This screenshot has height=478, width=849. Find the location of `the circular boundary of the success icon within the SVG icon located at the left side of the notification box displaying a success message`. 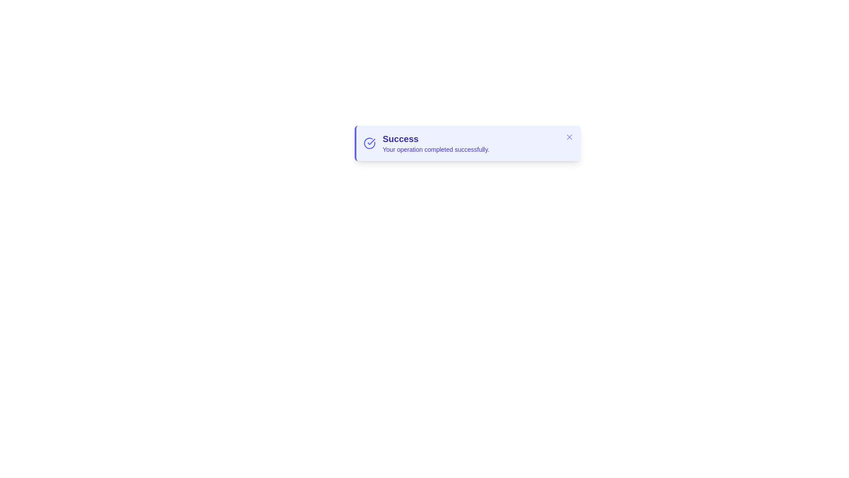

the circular boundary of the success icon within the SVG icon located at the left side of the notification box displaying a success message is located at coordinates (369, 143).